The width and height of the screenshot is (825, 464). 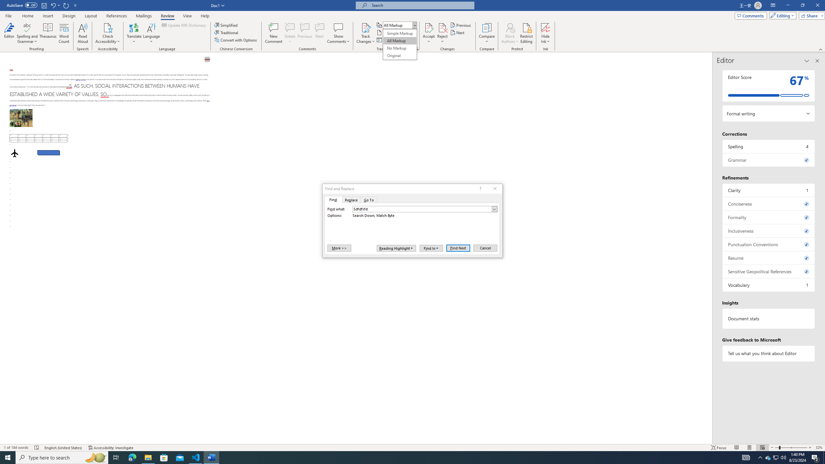 I want to click on 'Start', so click(x=8, y=457).